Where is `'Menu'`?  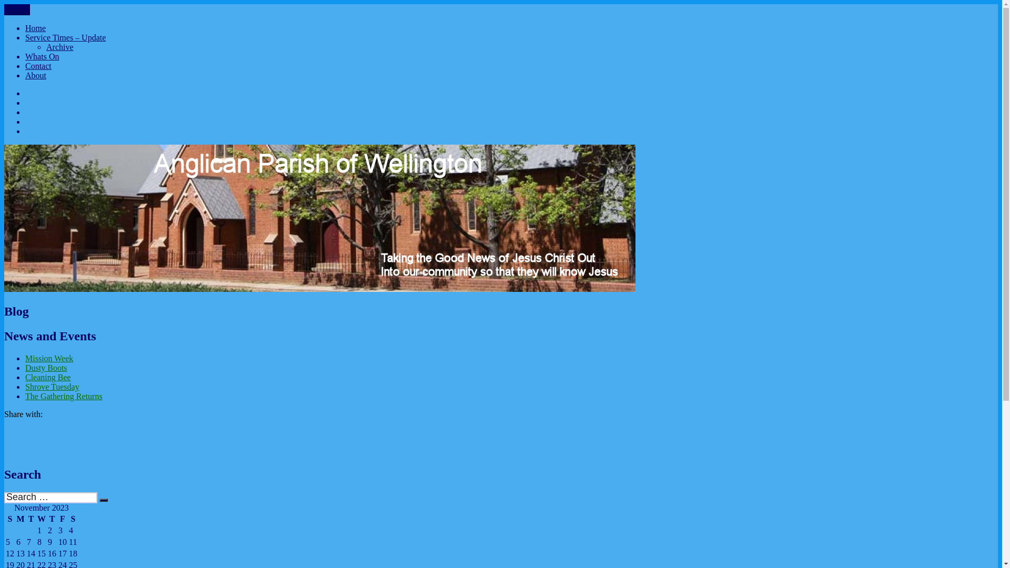
'Menu' is located at coordinates (17, 9).